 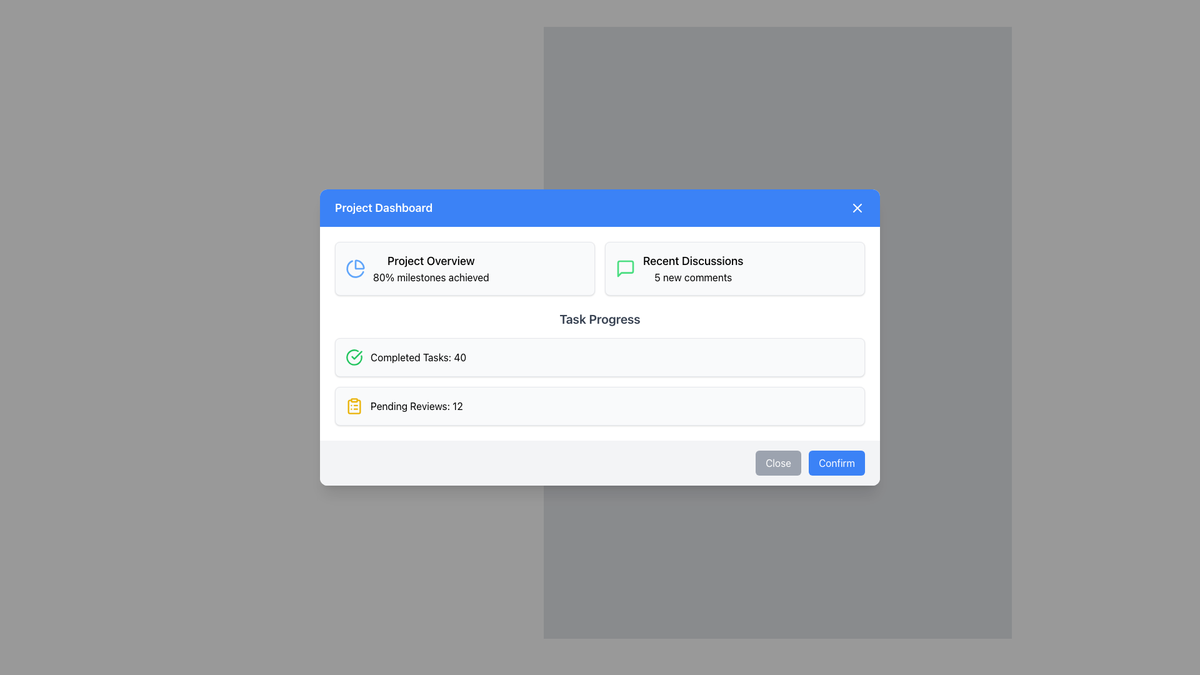 I want to click on the second slice of the pie chart icon in the 'Project Overview' card located in the upper left corner of the interface, so click(x=354, y=268).